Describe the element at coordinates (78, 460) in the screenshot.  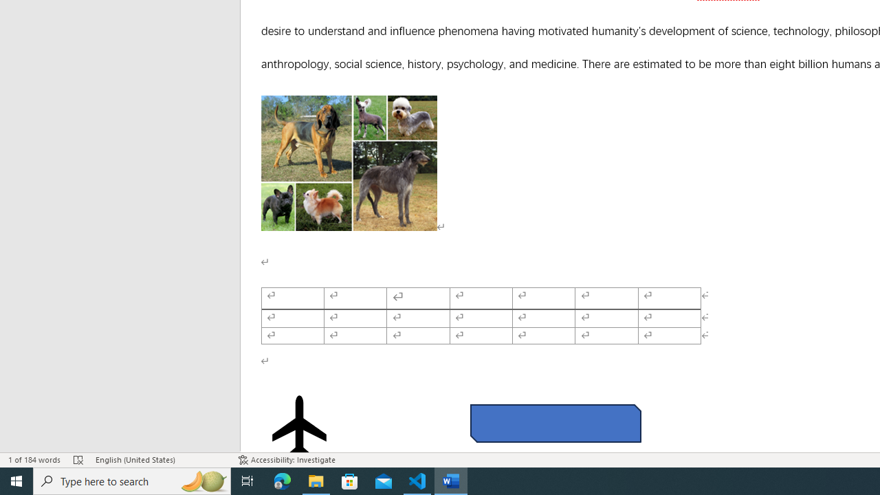
I see `'Spelling and Grammar Check Errors'` at that location.